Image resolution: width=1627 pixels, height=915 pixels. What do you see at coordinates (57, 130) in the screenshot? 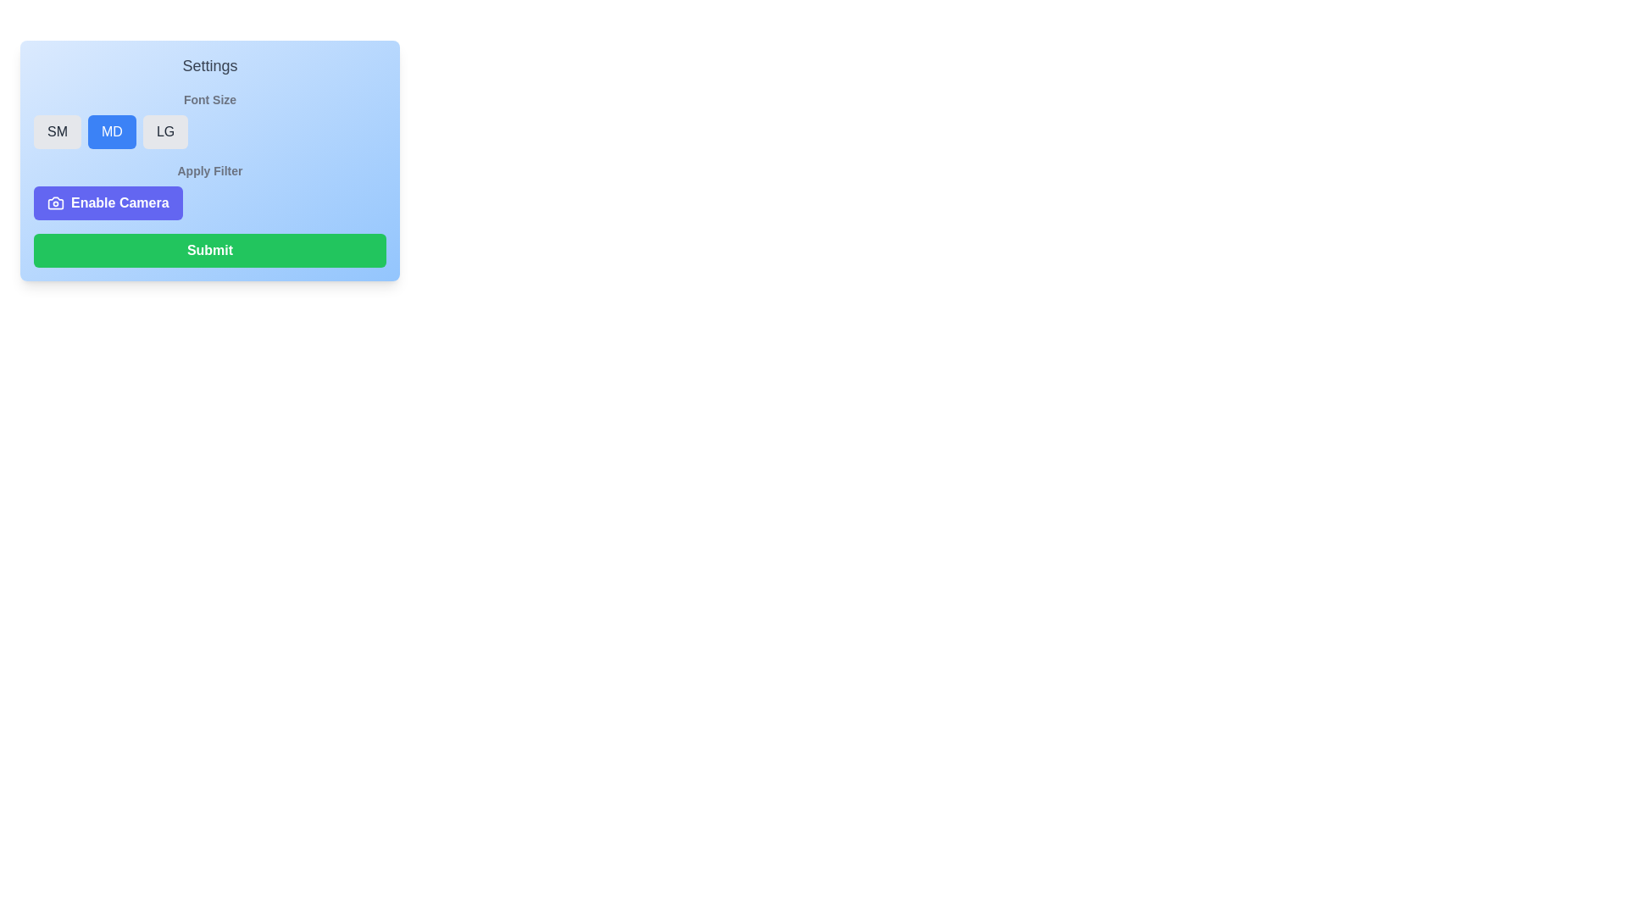
I see `the 'Small' font size button located in the upper-left area of the 'Font Size' section` at bounding box center [57, 130].